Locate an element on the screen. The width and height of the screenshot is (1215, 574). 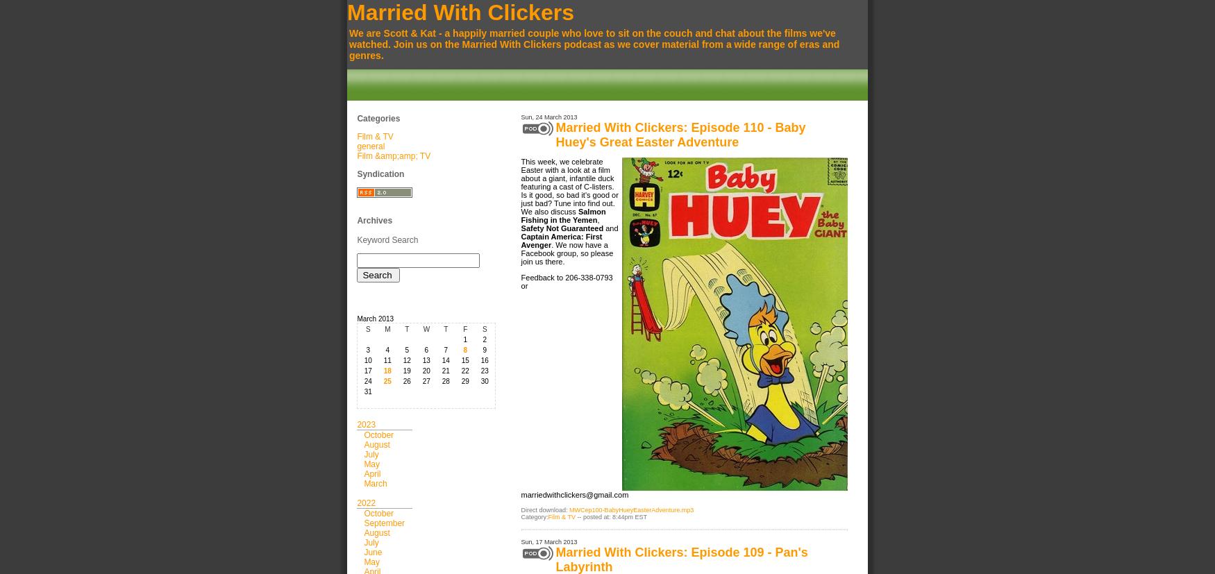
'Syndication' is located at coordinates (379, 173).